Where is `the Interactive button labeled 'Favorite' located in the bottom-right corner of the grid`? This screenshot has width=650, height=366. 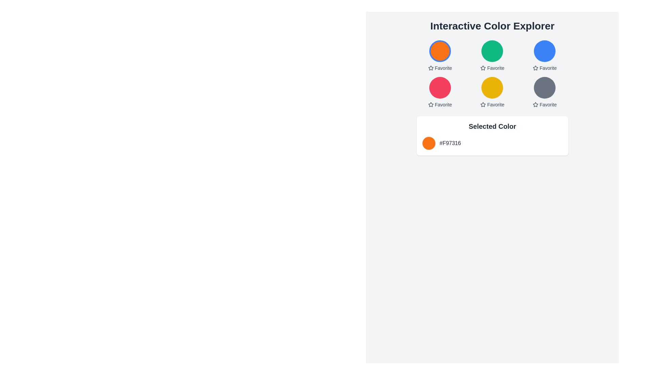
the Interactive button labeled 'Favorite' located in the bottom-right corner of the grid is located at coordinates (545, 93).